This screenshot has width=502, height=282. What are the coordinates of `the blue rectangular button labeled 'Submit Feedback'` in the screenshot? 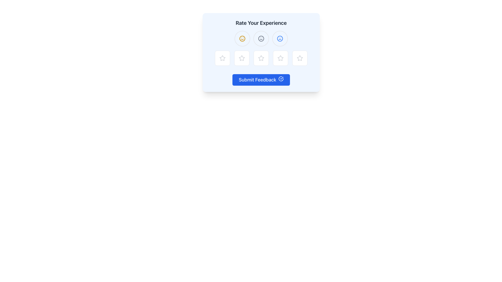 It's located at (261, 80).